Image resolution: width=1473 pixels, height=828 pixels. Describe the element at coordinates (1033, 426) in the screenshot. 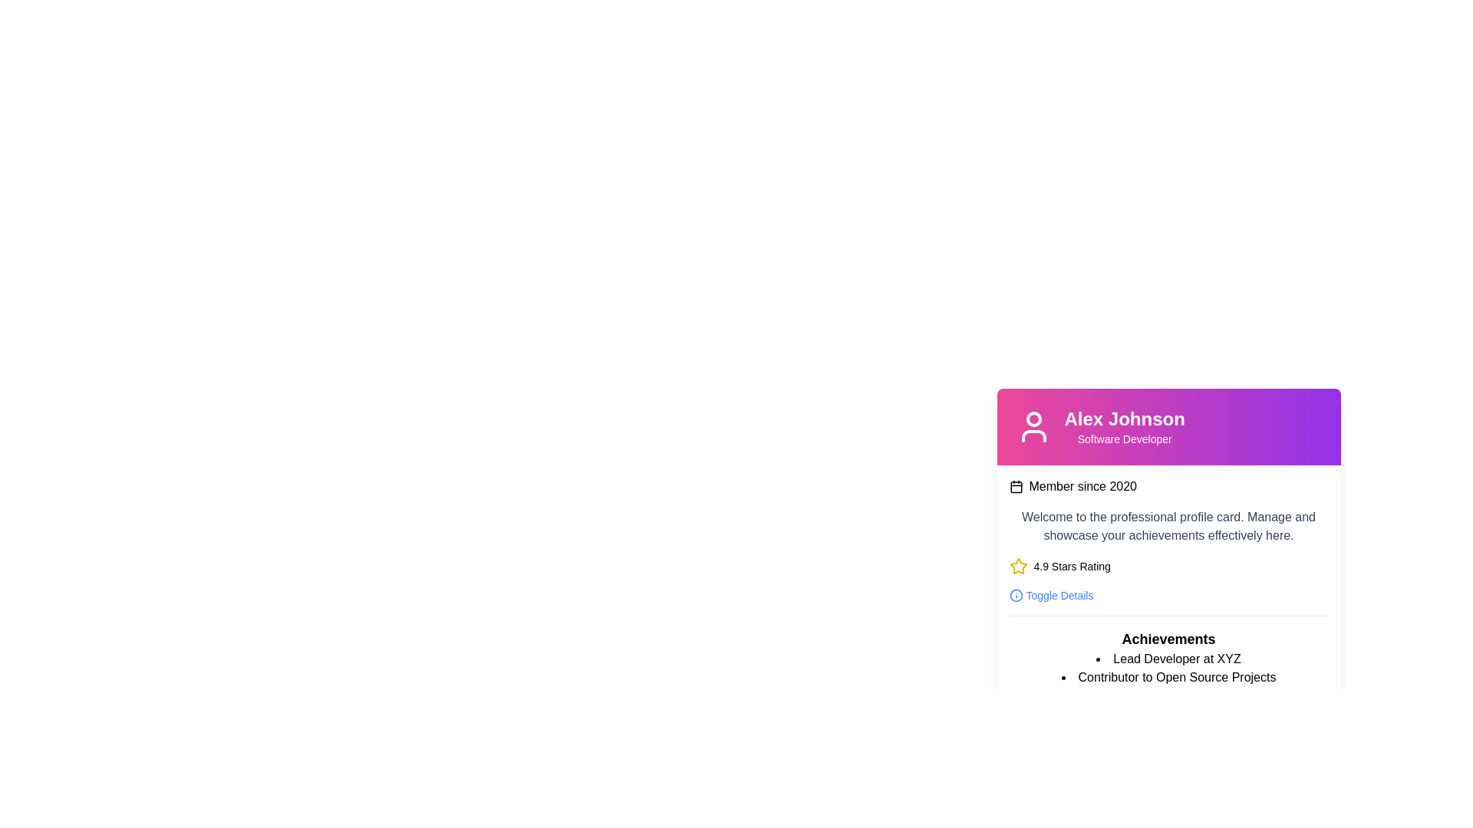

I see `the user profile icon, which is a white circular head with a stylized body against a gradient pink background, located at the top-left corner of the card containing information about 'Alex Johnson'` at that location.